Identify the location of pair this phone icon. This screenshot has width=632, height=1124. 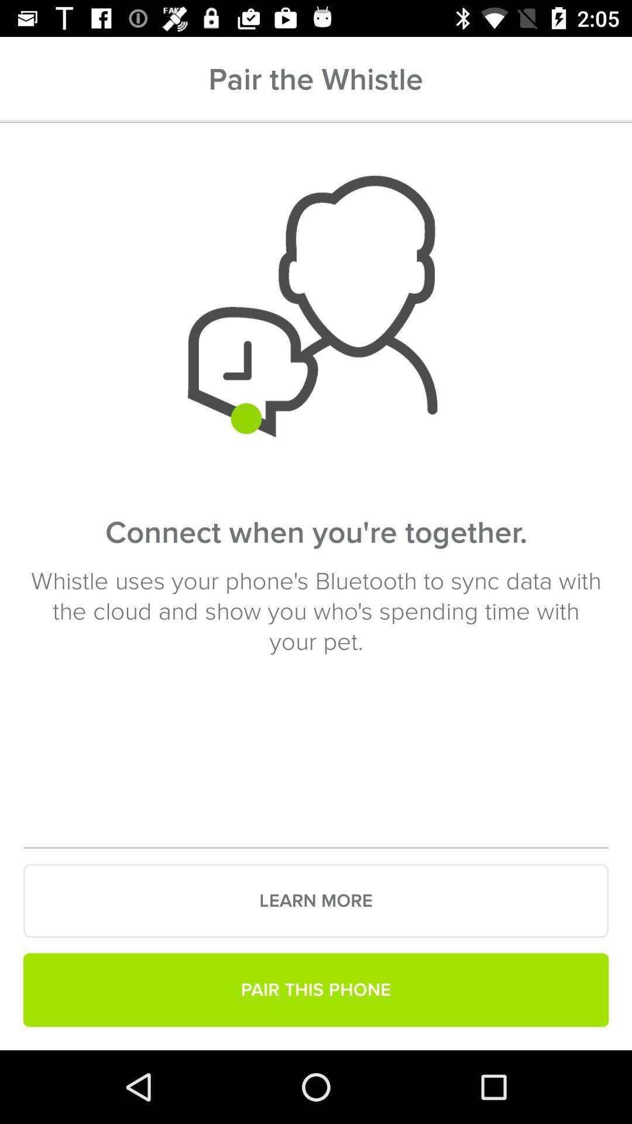
(316, 989).